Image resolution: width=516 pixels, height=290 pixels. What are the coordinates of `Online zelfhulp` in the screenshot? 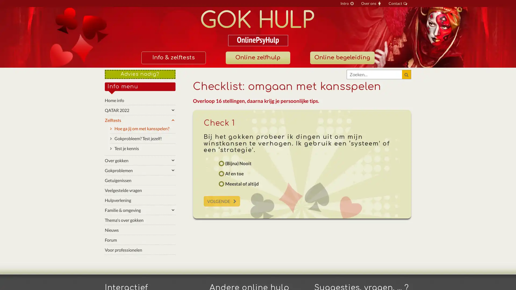 It's located at (257, 58).